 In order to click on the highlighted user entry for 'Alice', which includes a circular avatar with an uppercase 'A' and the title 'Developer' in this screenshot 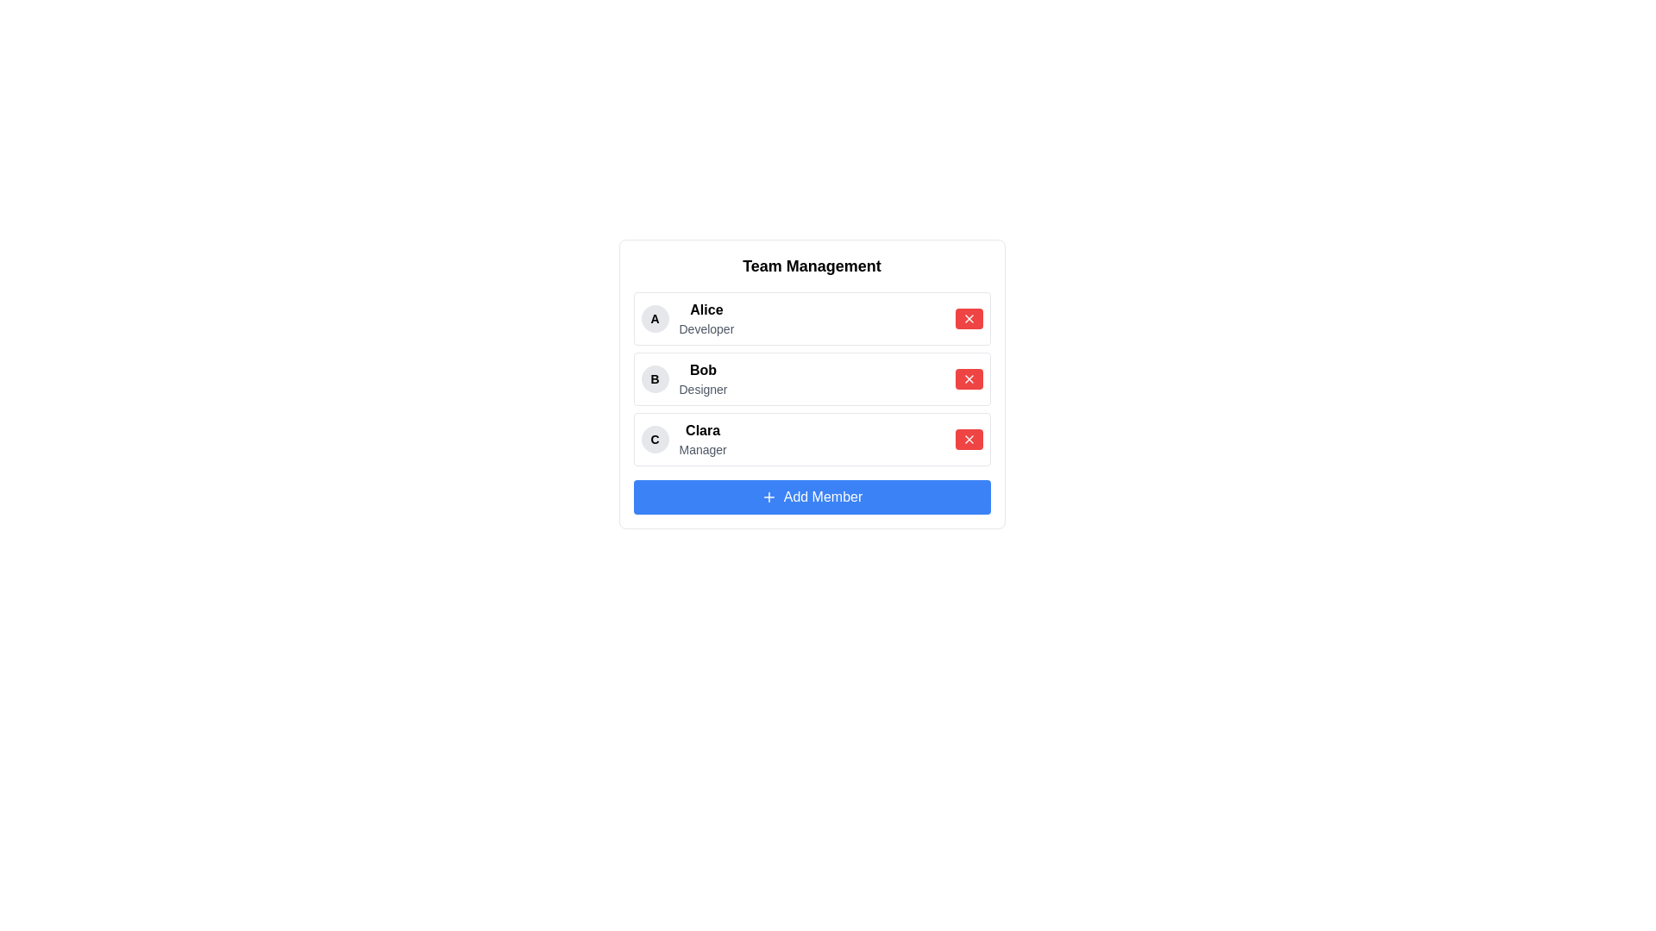, I will do `click(687, 319)`.